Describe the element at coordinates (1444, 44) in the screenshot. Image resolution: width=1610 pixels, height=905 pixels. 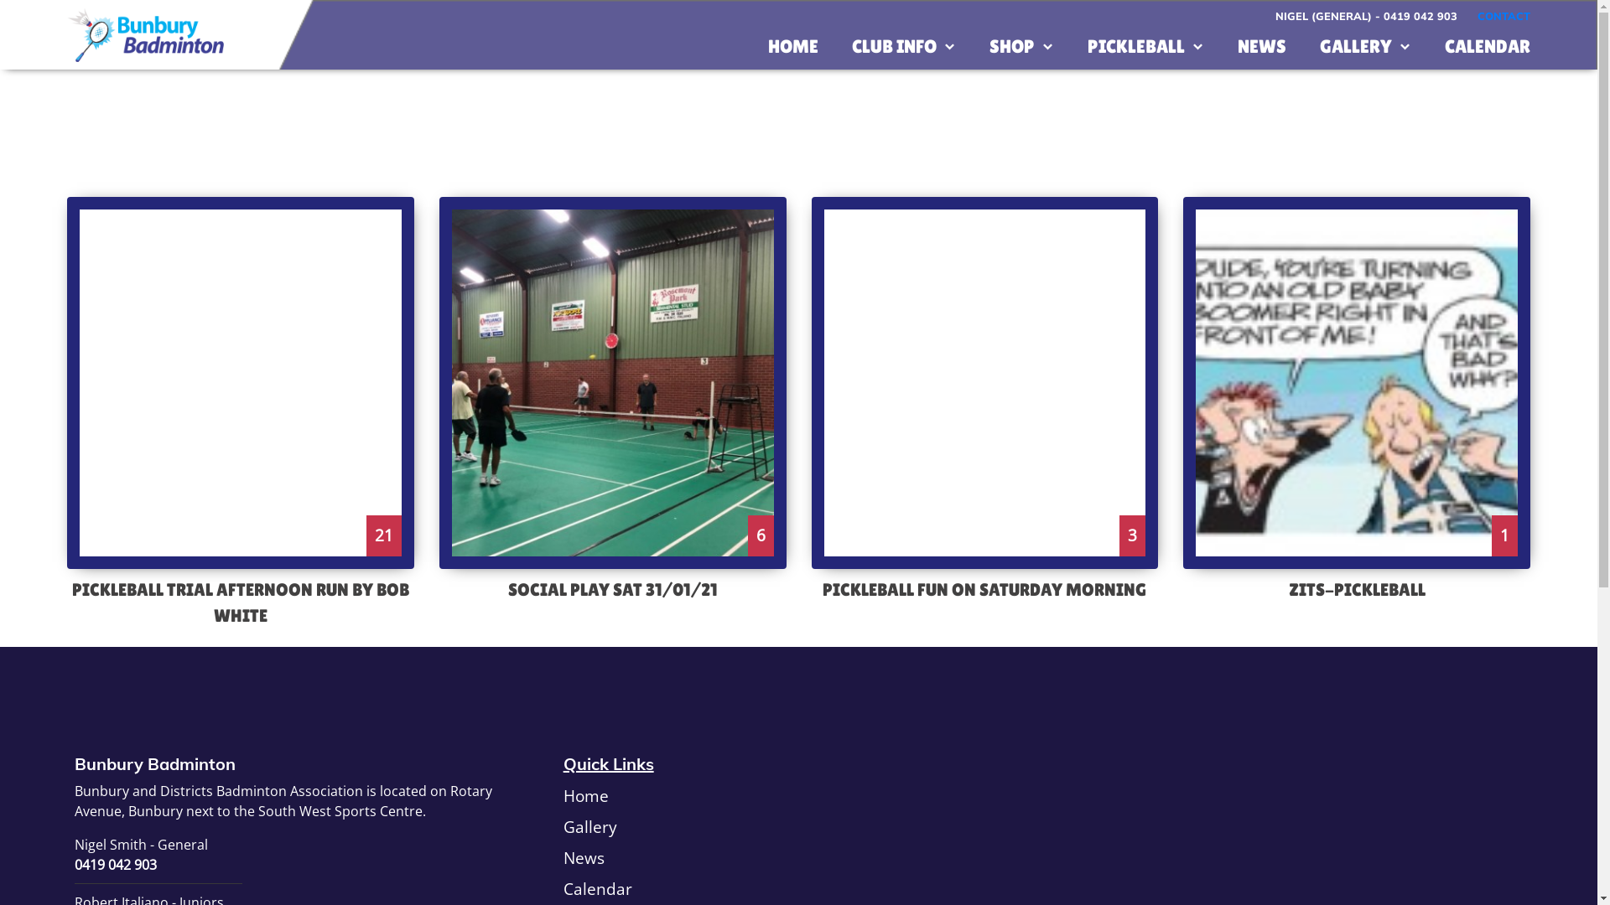
I see `'CALENDAR'` at that location.